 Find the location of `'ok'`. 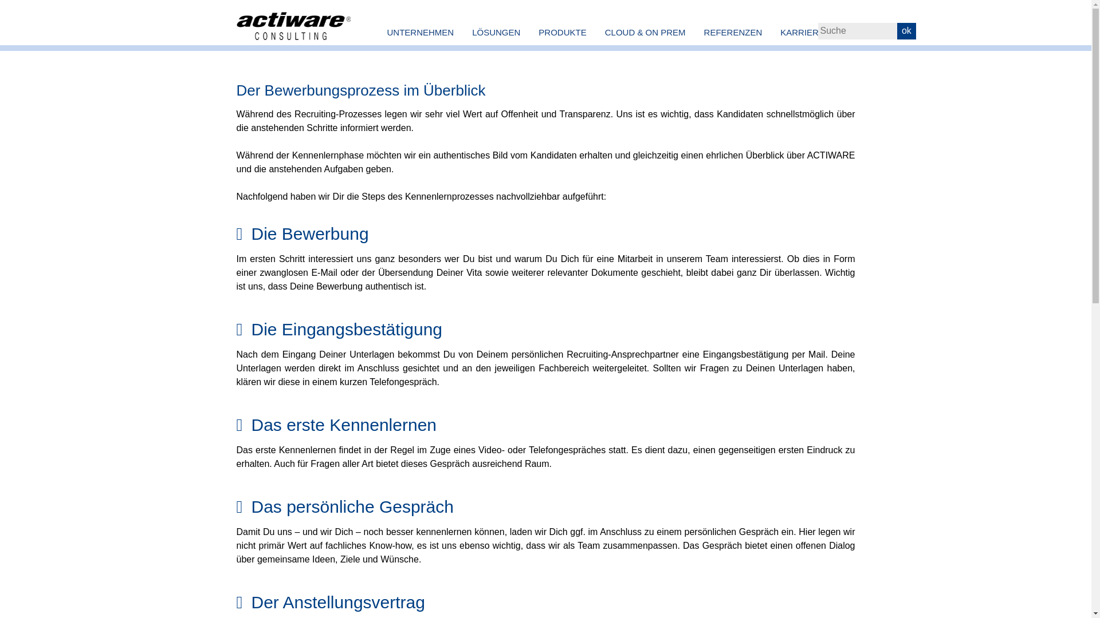

'ok' is located at coordinates (906, 30).